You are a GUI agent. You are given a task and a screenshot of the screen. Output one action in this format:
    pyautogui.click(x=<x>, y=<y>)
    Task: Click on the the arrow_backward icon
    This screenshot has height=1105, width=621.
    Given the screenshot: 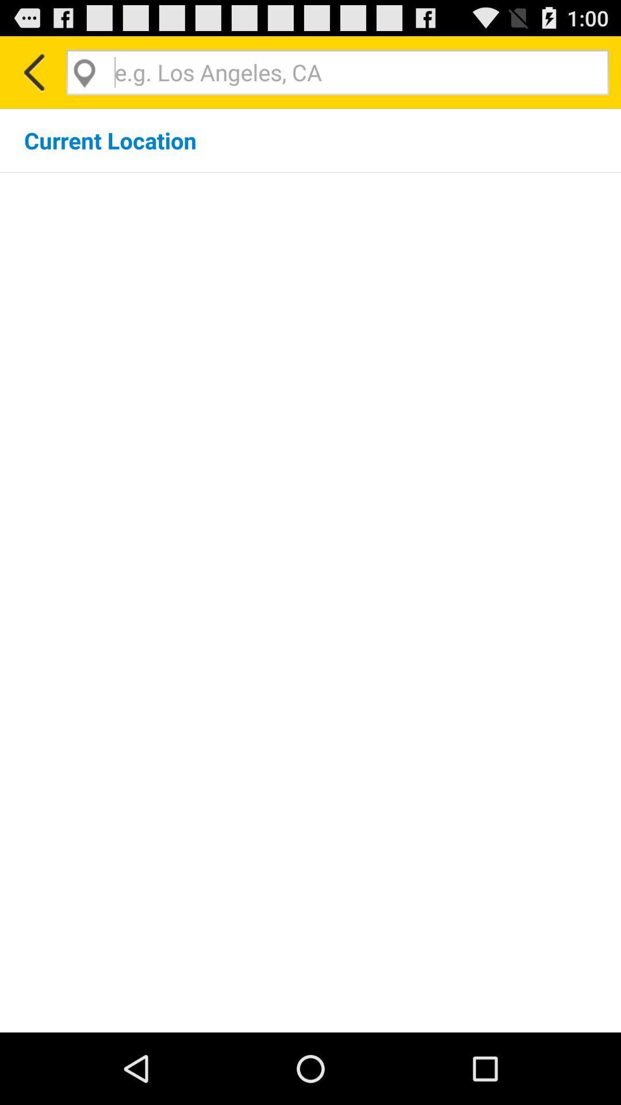 What is the action you would take?
    pyautogui.click(x=32, y=77)
    